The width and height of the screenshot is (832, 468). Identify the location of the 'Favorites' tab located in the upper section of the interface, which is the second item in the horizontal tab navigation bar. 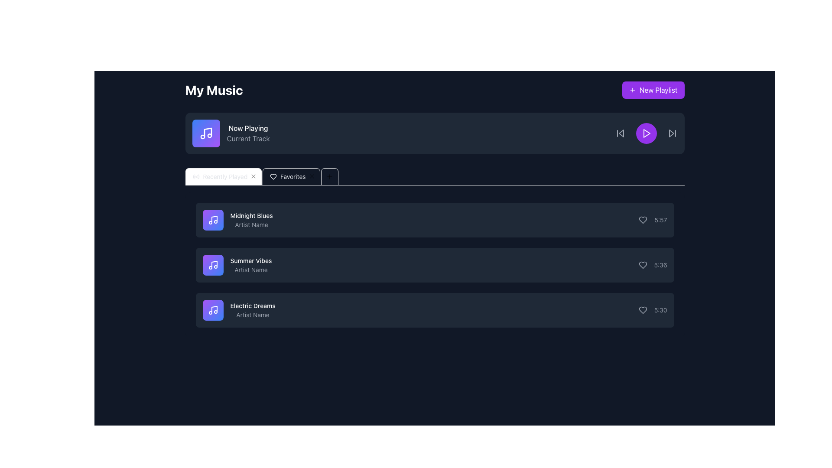
(261, 176).